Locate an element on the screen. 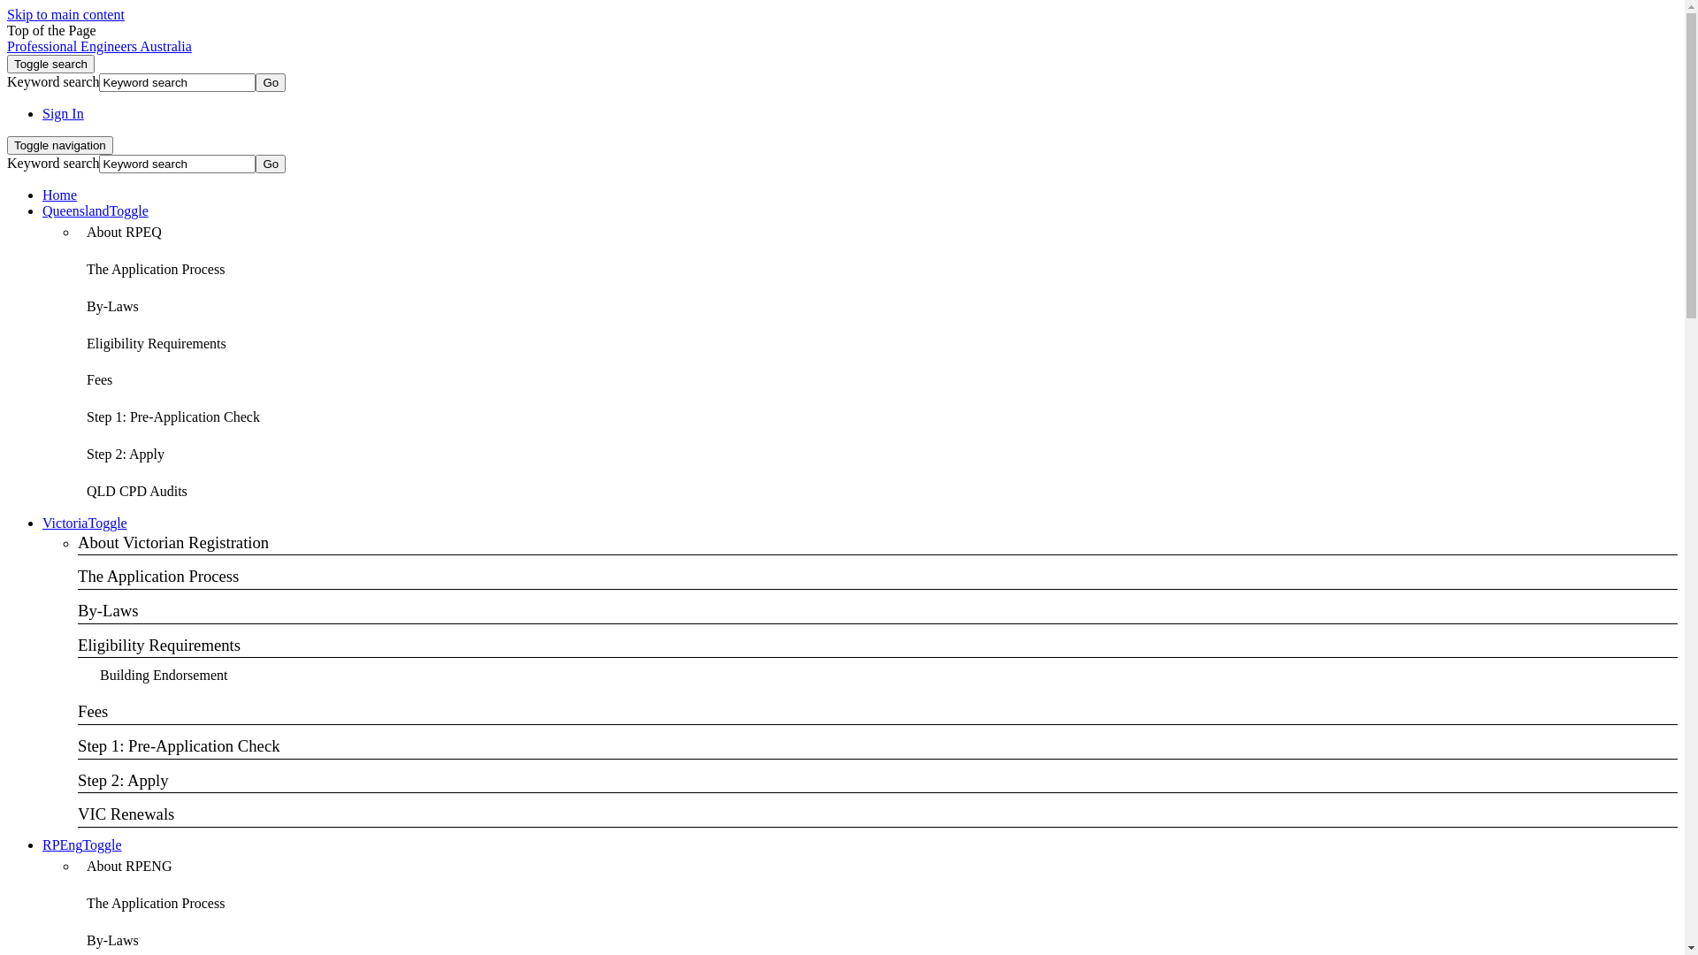 This screenshot has width=1698, height=955. 'VictoriaToggle' is located at coordinates (84, 522).